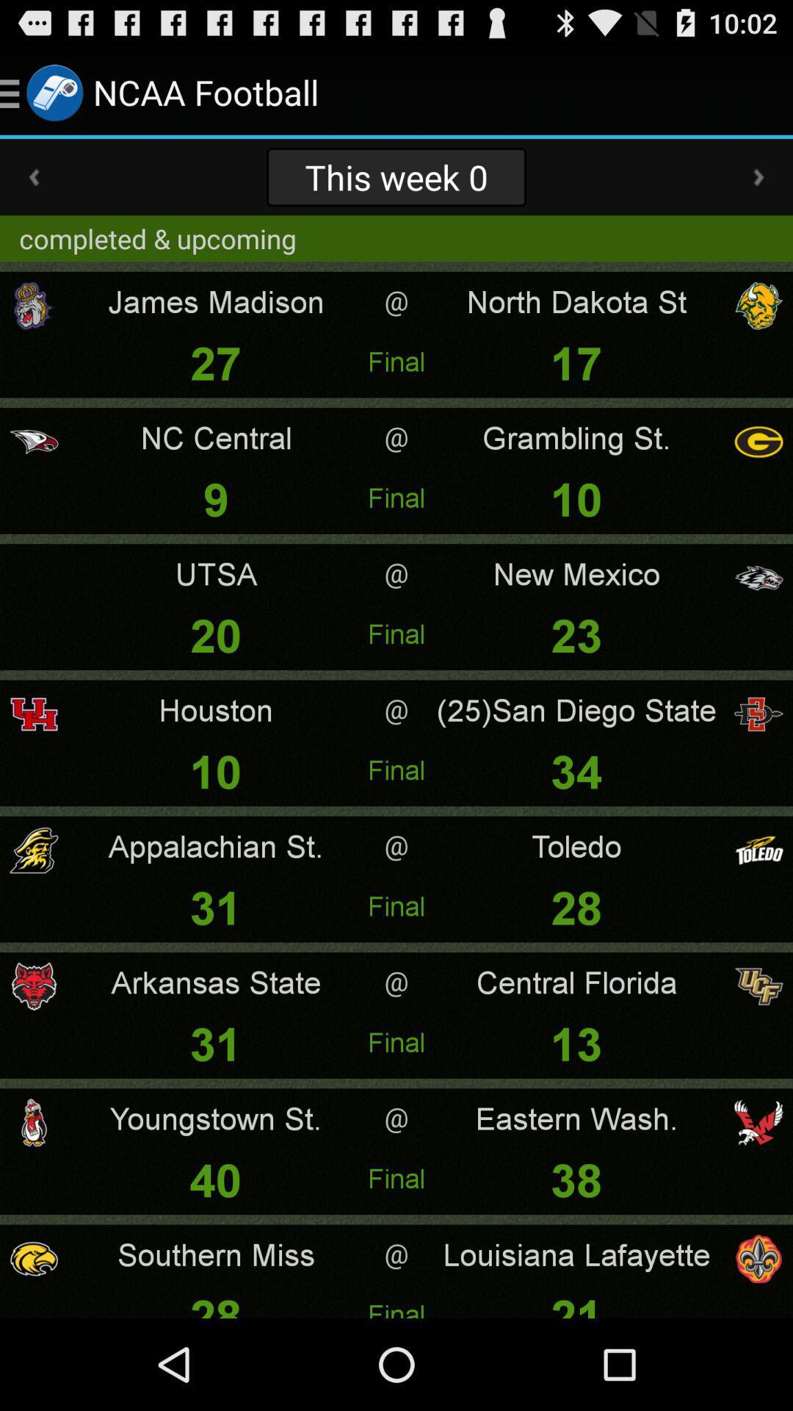 The width and height of the screenshot is (793, 1411). What do you see at coordinates (396, 176) in the screenshot?
I see `the this week 0` at bounding box center [396, 176].